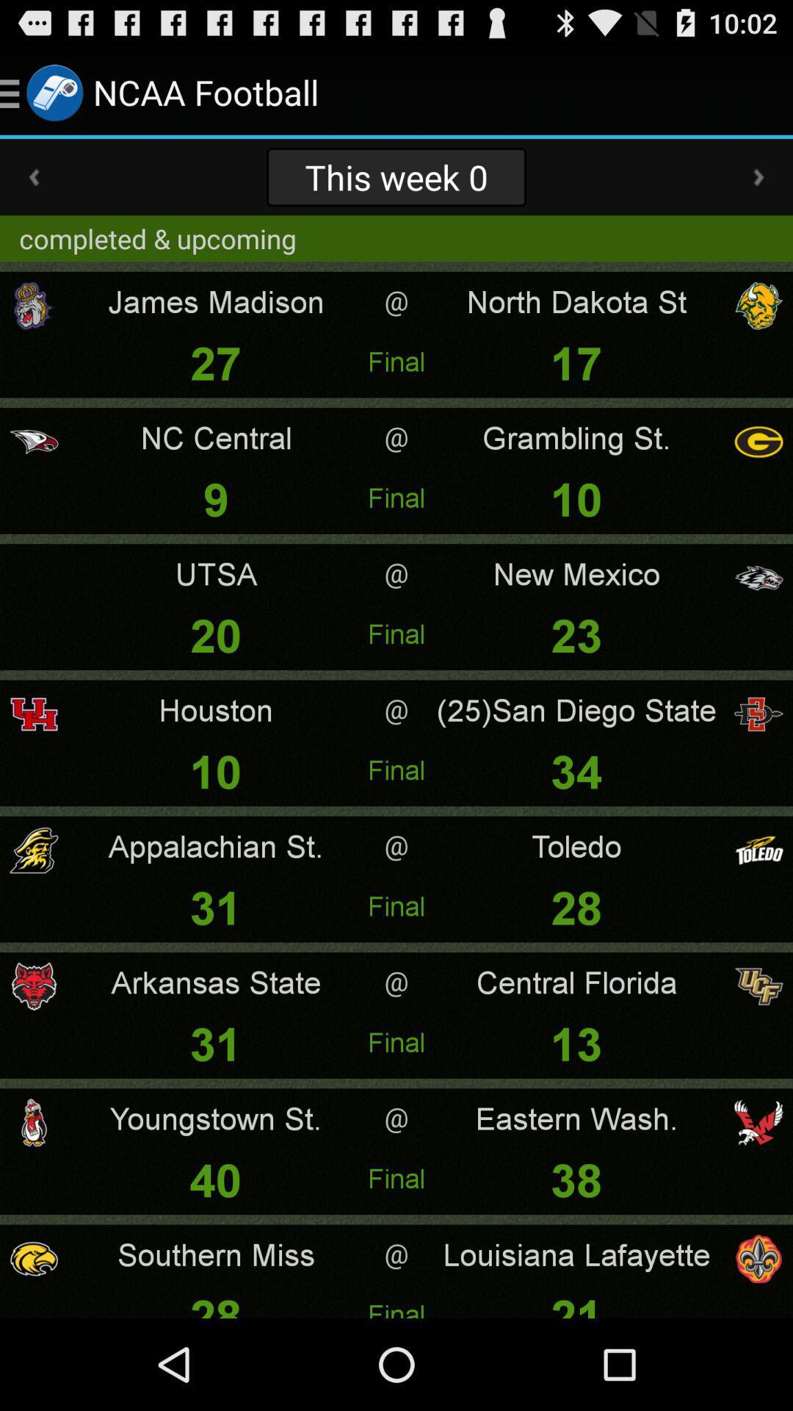 The width and height of the screenshot is (793, 1411). What do you see at coordinates (396, 176) in the screenshot?
I see `the this week 0` at bounding box center [396, 176].